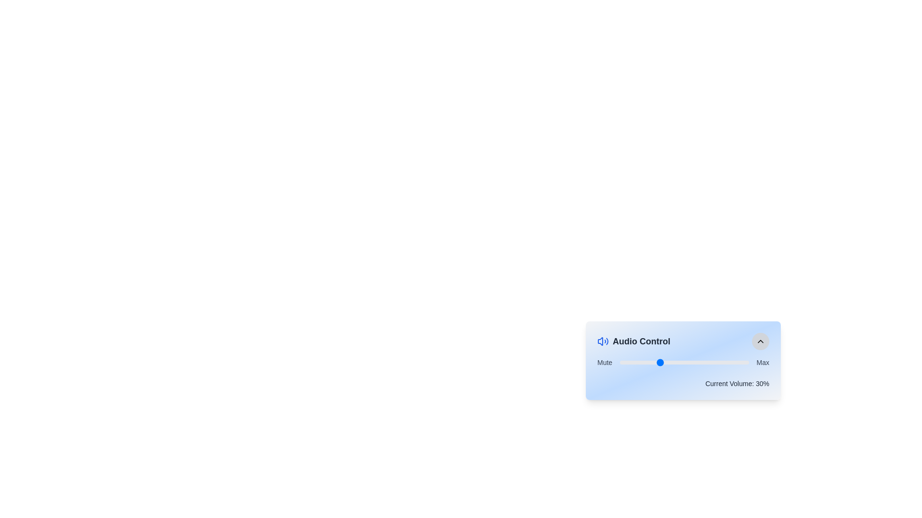 This screenshot has width=922, height=518. Describe the element at coordinates (701, 363) in the screenshot. I see `the volume level` at that location.